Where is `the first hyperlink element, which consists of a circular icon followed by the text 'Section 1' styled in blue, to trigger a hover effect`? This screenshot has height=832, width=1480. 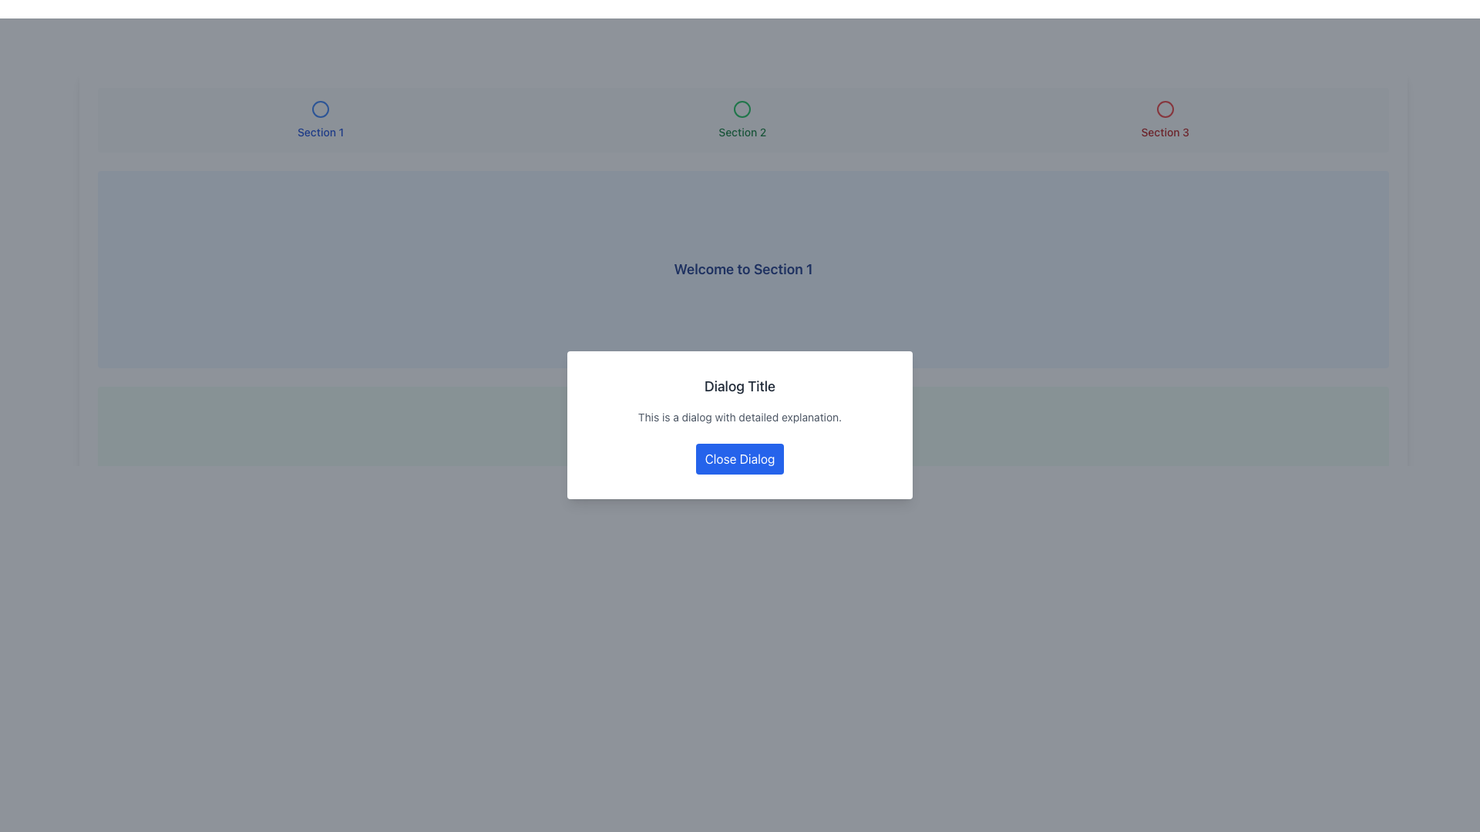
the first hyperlink element, which consists of a circular icon followed by the text 'Section 1' styled in blue, to trigger a hover effect is located at coordinates (320, 119).